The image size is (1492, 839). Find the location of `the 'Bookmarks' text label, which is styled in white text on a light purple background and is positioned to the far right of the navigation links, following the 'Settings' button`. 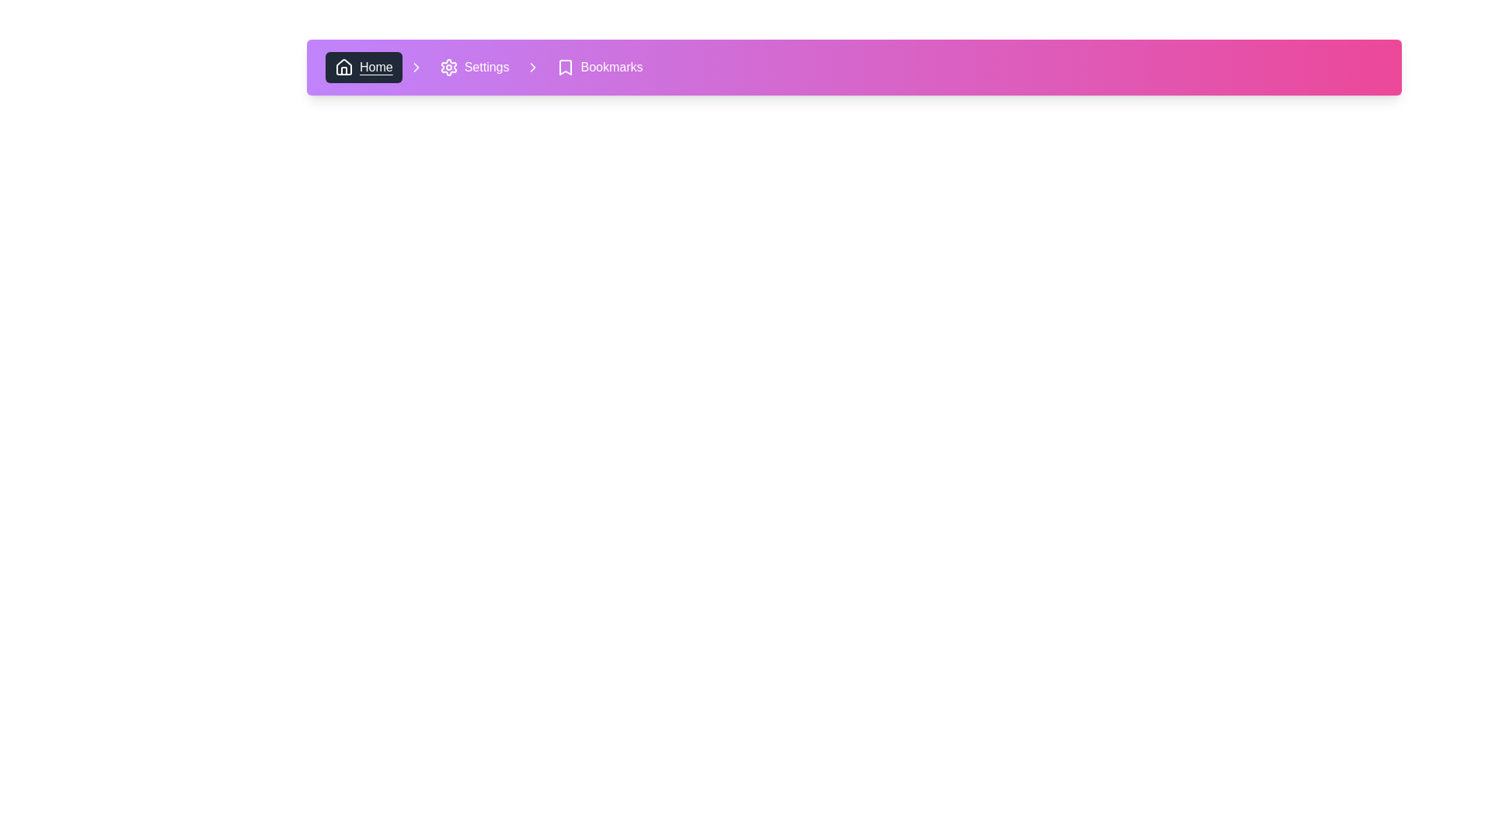

the 'Bookmarks' text label, which is styled in white text on a light purple background and is positioned to the far right of the navigation links, following the 'Settings' button is located at coordinates (611, 67).